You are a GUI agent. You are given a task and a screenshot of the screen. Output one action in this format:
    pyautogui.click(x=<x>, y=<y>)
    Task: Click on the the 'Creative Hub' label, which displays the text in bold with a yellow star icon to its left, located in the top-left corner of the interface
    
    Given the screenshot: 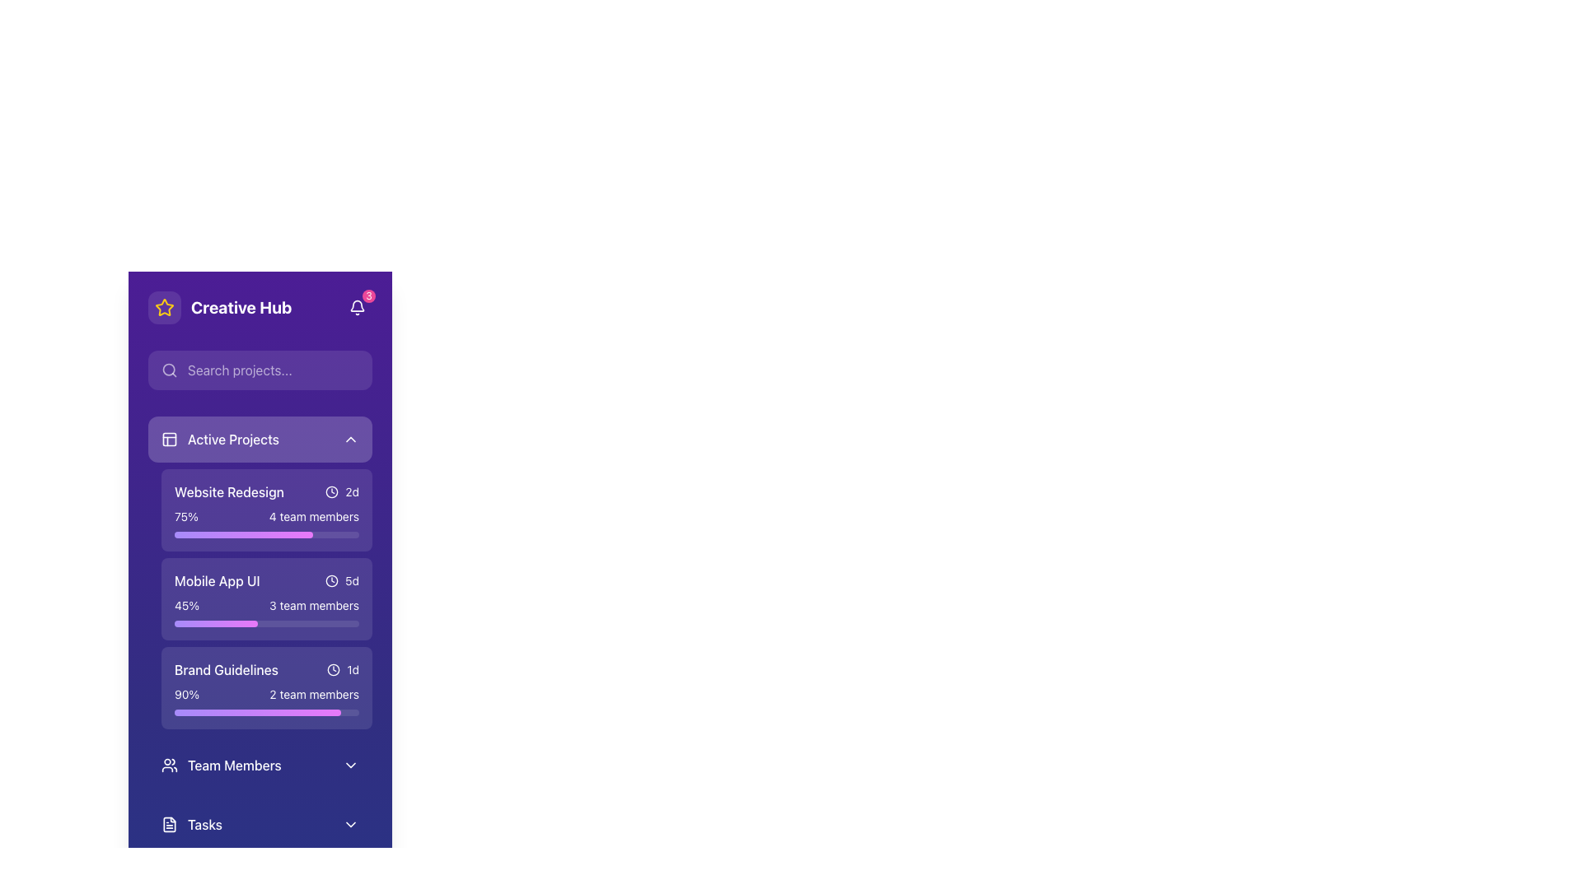 What is the action you would take?
    pyautogui.click(x=219, y=308)
    